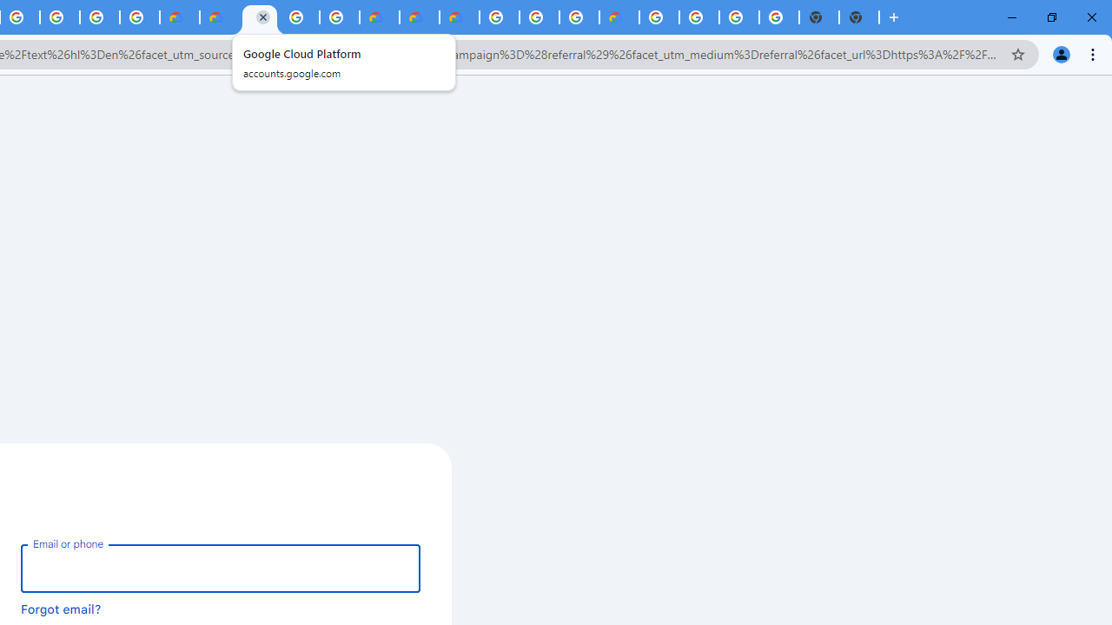 This screenshot has height=625, width=1112. Describe the element at coordinates (459, 17) in the screenshot. I see `'Google Cloud Estimate Summary'` at that location.